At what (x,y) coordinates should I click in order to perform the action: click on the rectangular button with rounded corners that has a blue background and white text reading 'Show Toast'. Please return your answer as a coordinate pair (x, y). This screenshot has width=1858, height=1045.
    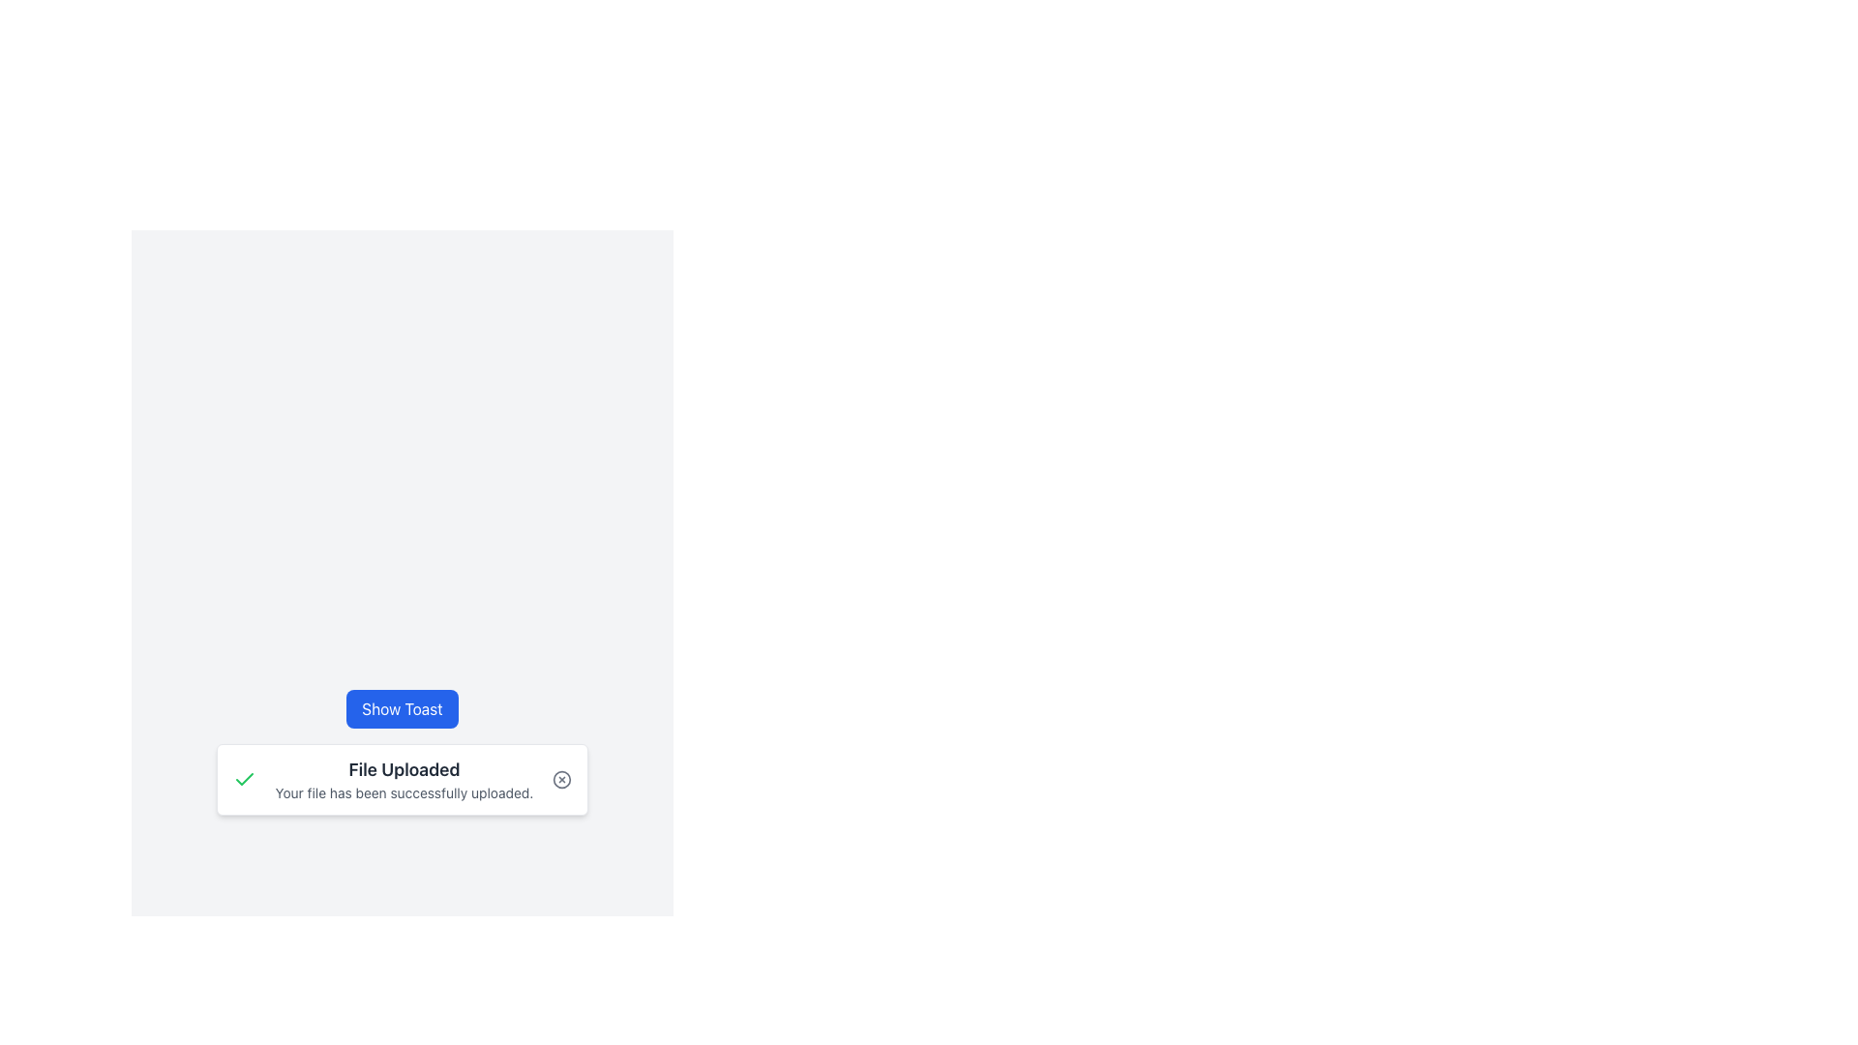
    Looking at the image, I should click on (402, 708).